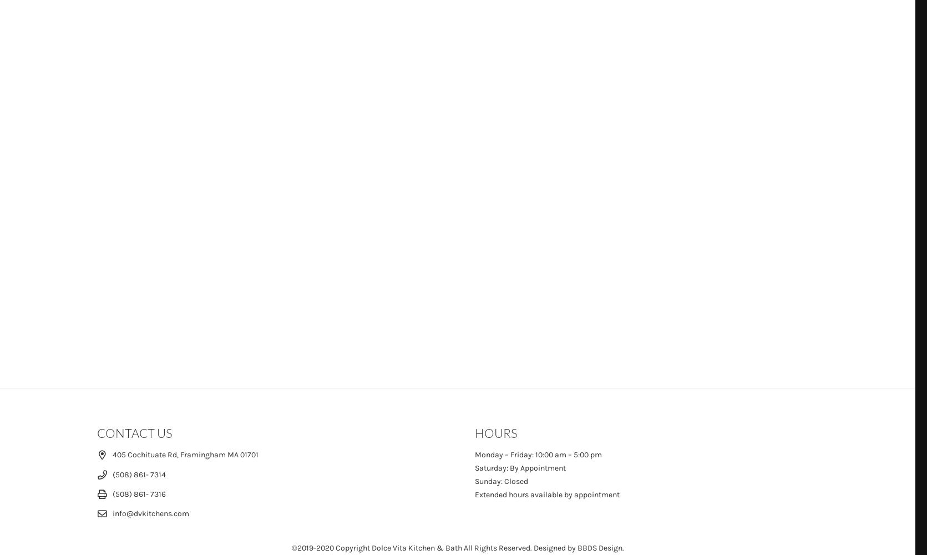 The width and height of the screenshot is (927, 555). Describe the element at coordinates (411, 547) in the screenshot. I see `'©2019-2020 Copyright Dolce Vita Kitchen & Bath All Rights Reserved.'` at that location.